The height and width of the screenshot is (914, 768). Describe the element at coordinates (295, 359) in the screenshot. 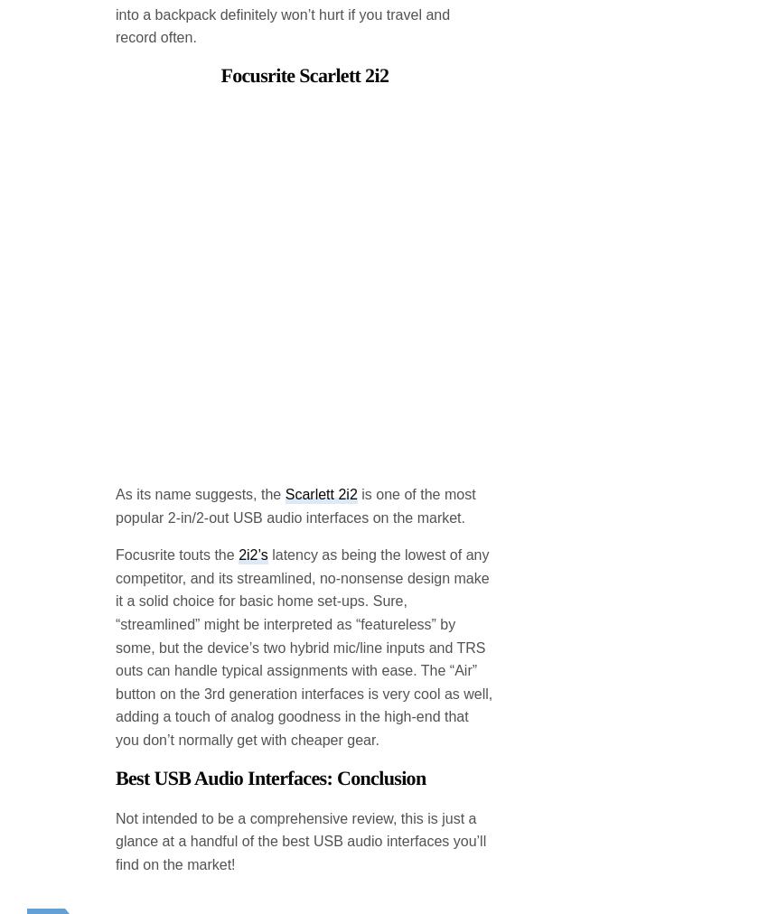

I see `'is one of the most popular 2-in/2-out USB audio interfaces on the market.'` at that location.